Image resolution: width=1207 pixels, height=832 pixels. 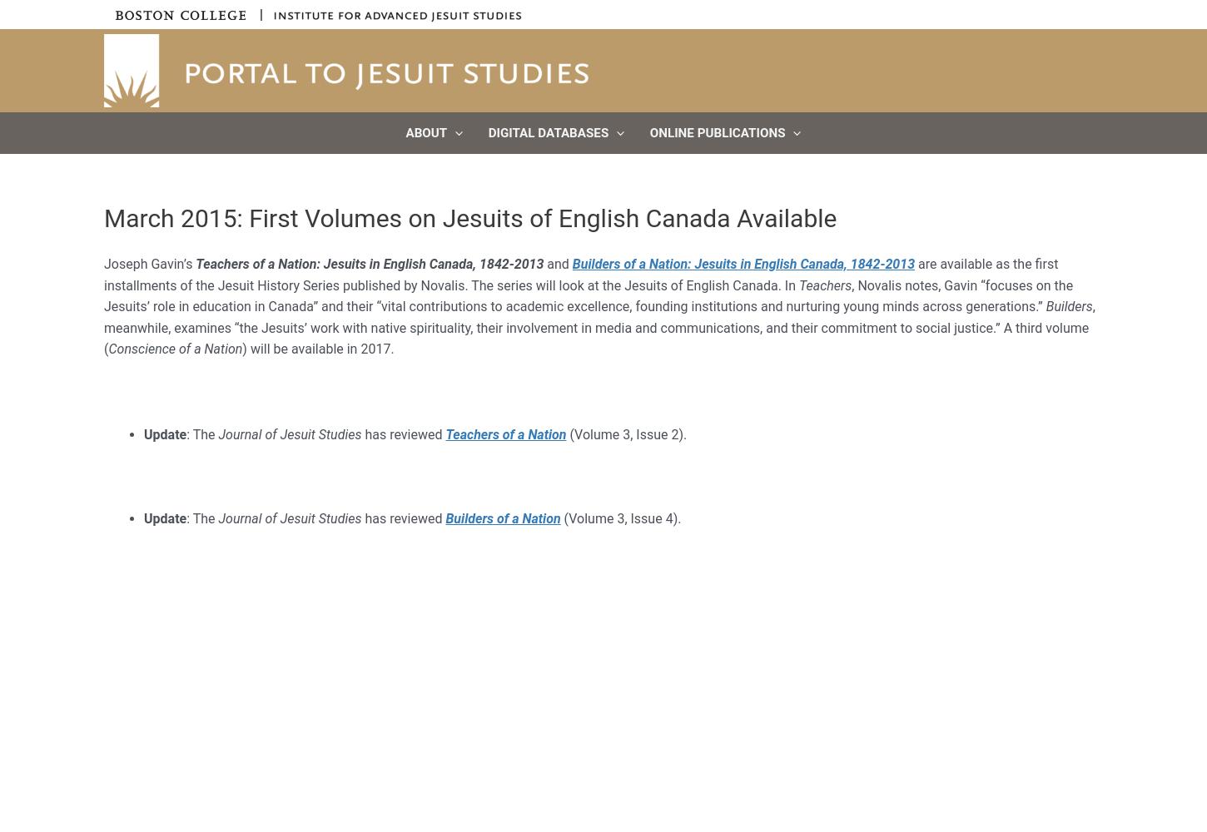 I want to click on 'Online Publications', so click(x=716, y=133).